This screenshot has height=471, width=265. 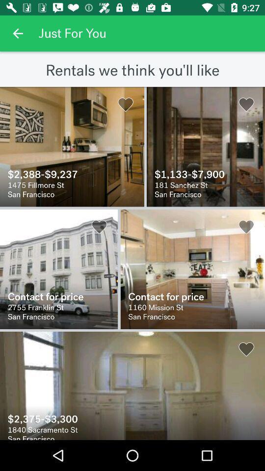 I want to click on back page, so click(x=18, y=33).